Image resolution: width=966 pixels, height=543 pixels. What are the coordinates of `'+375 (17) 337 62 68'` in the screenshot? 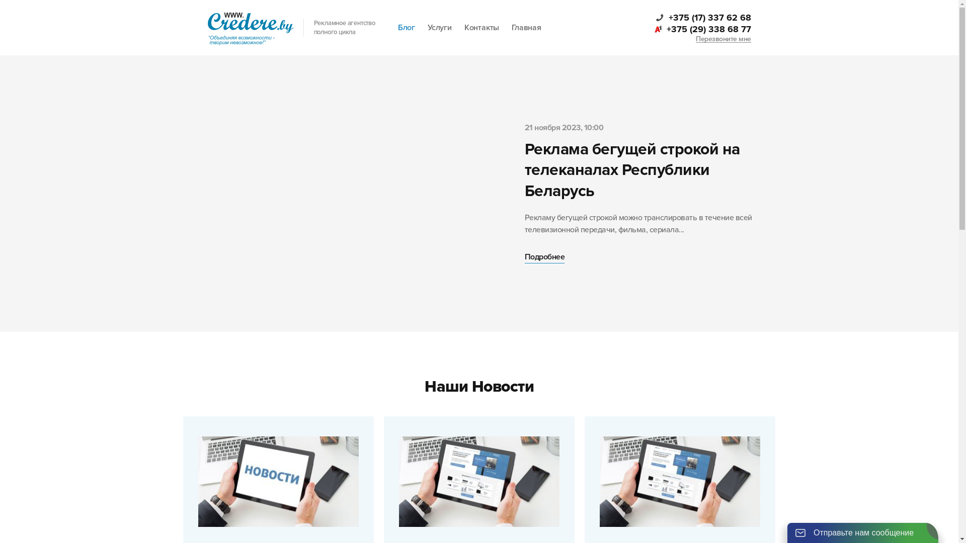 It's located at (702, 17).